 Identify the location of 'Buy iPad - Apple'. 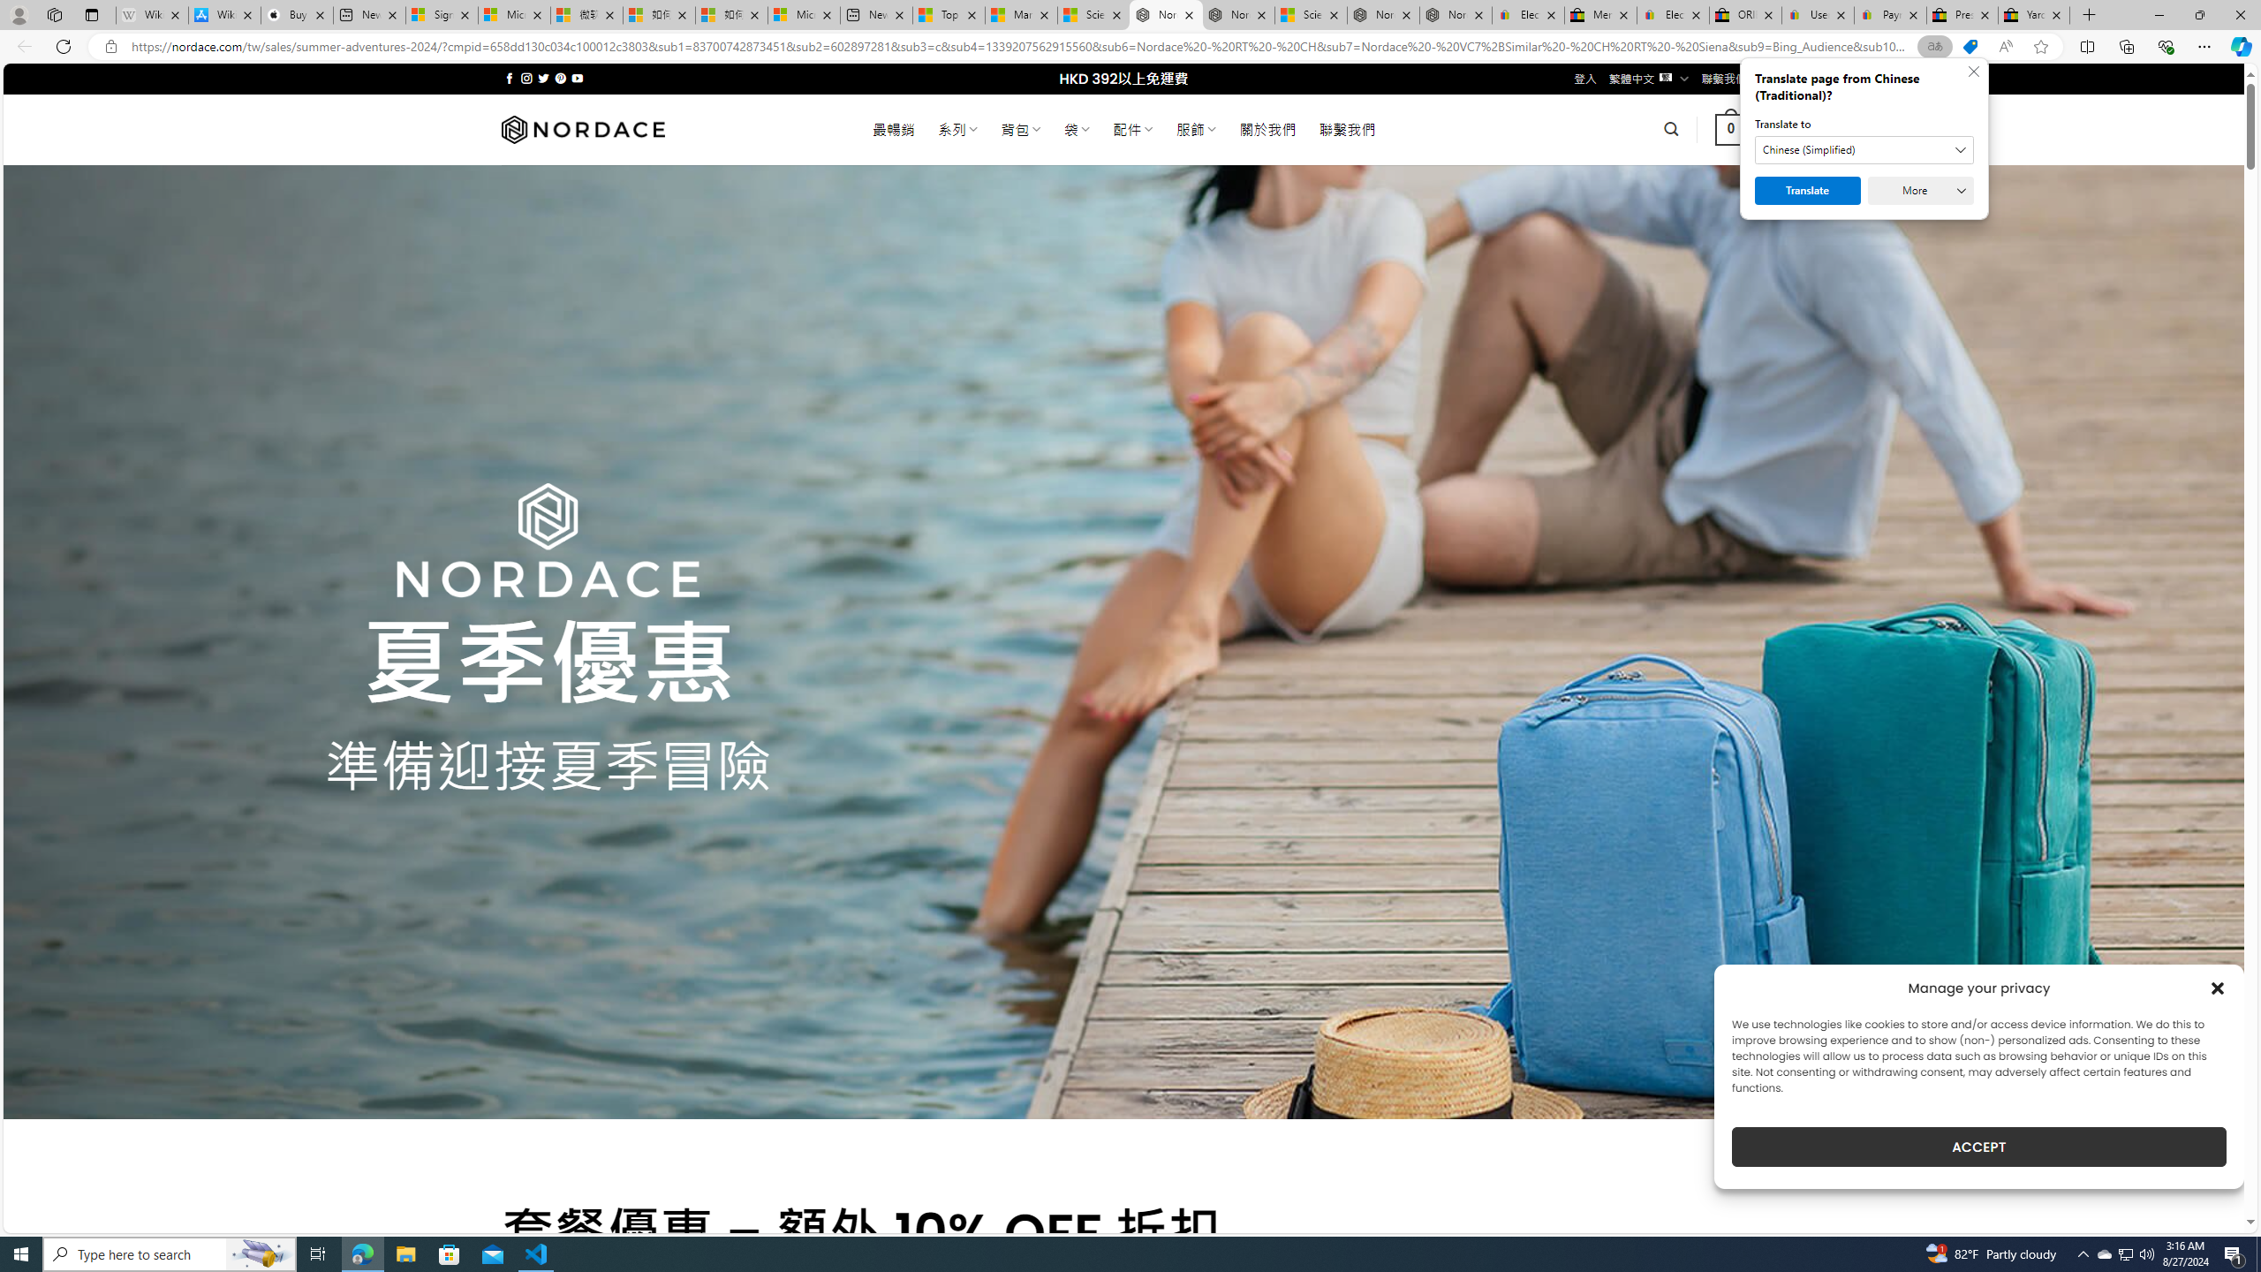
(296, 14).